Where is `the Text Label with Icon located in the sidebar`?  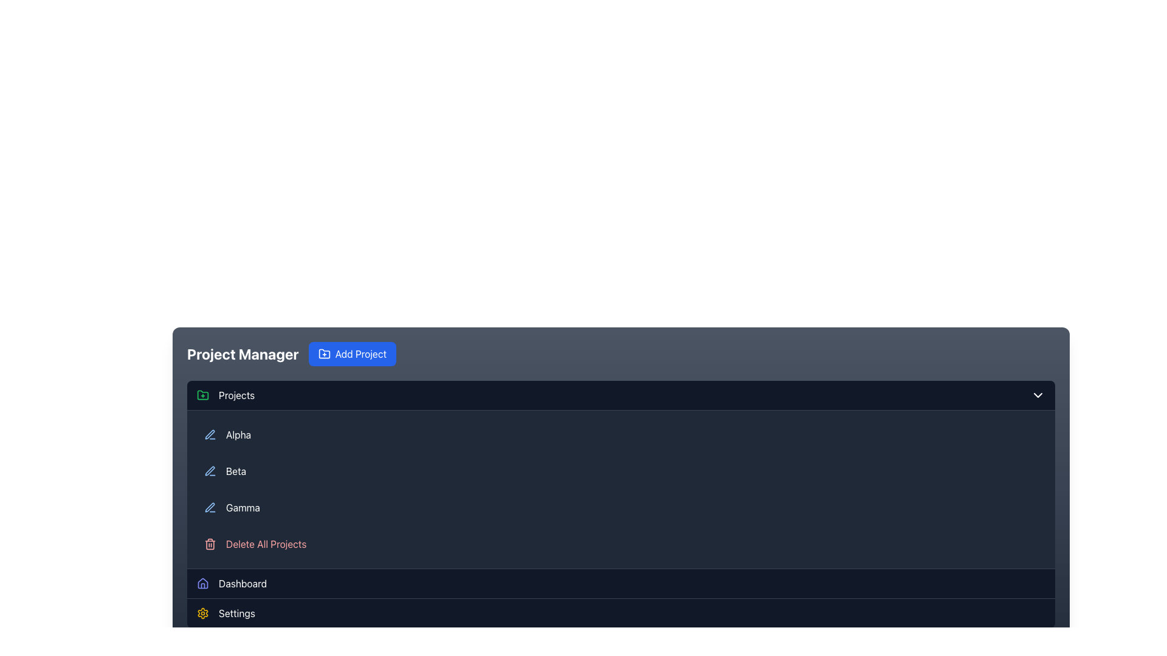 the Text Label with Icon located in the sidebar is located at coordinates (225, 395).